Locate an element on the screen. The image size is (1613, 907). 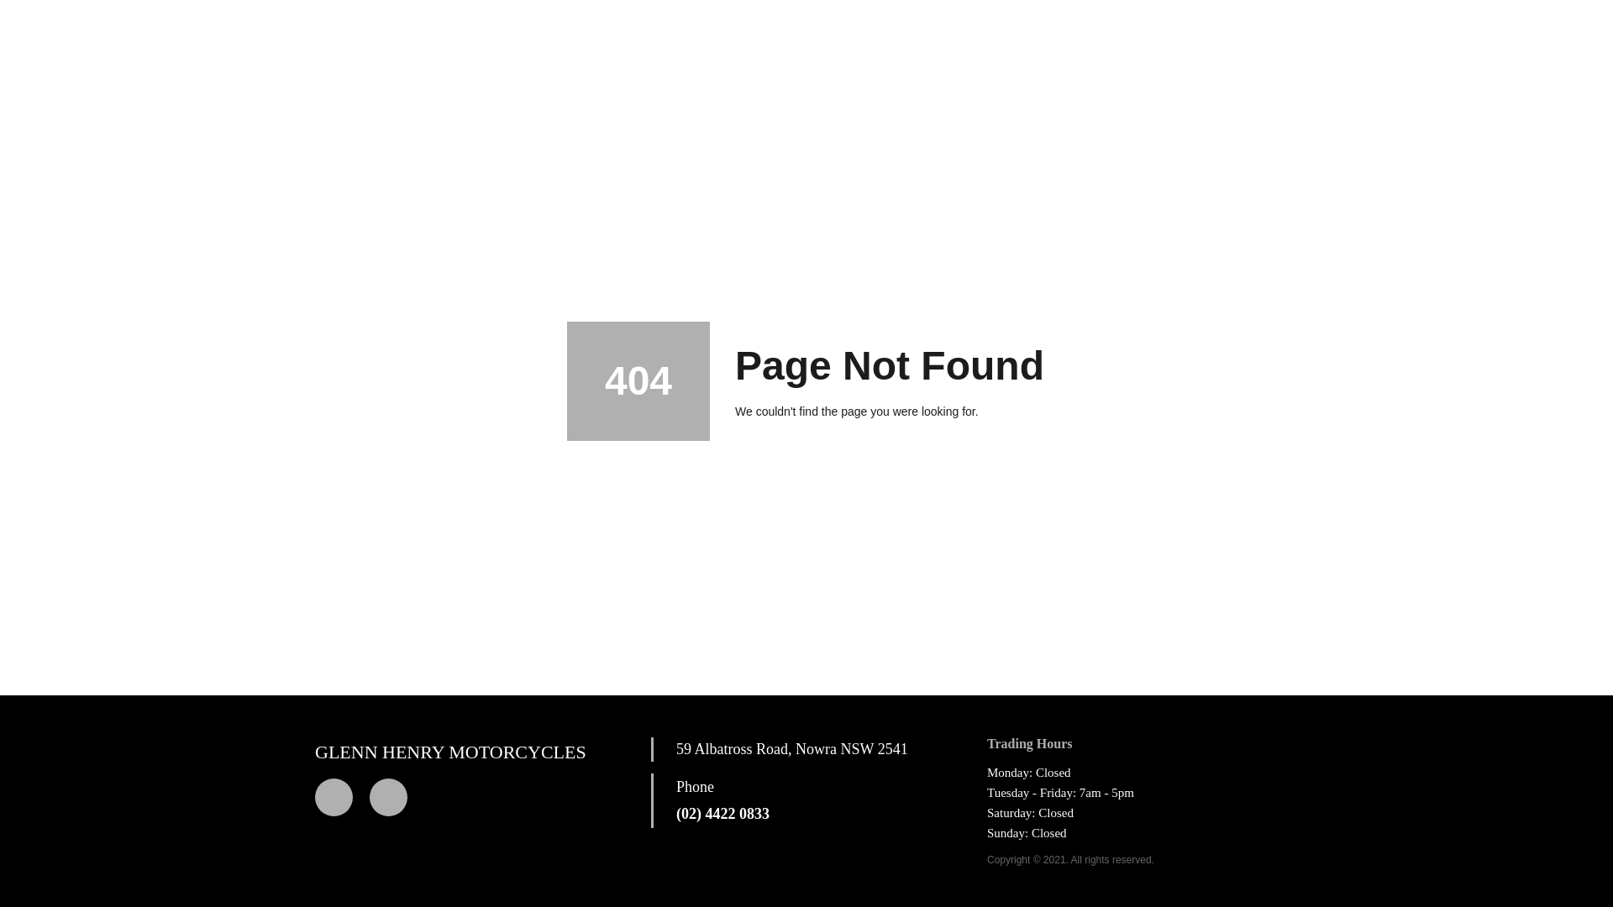
'(02) 4422 0833' is located at coordinates (722, 813).